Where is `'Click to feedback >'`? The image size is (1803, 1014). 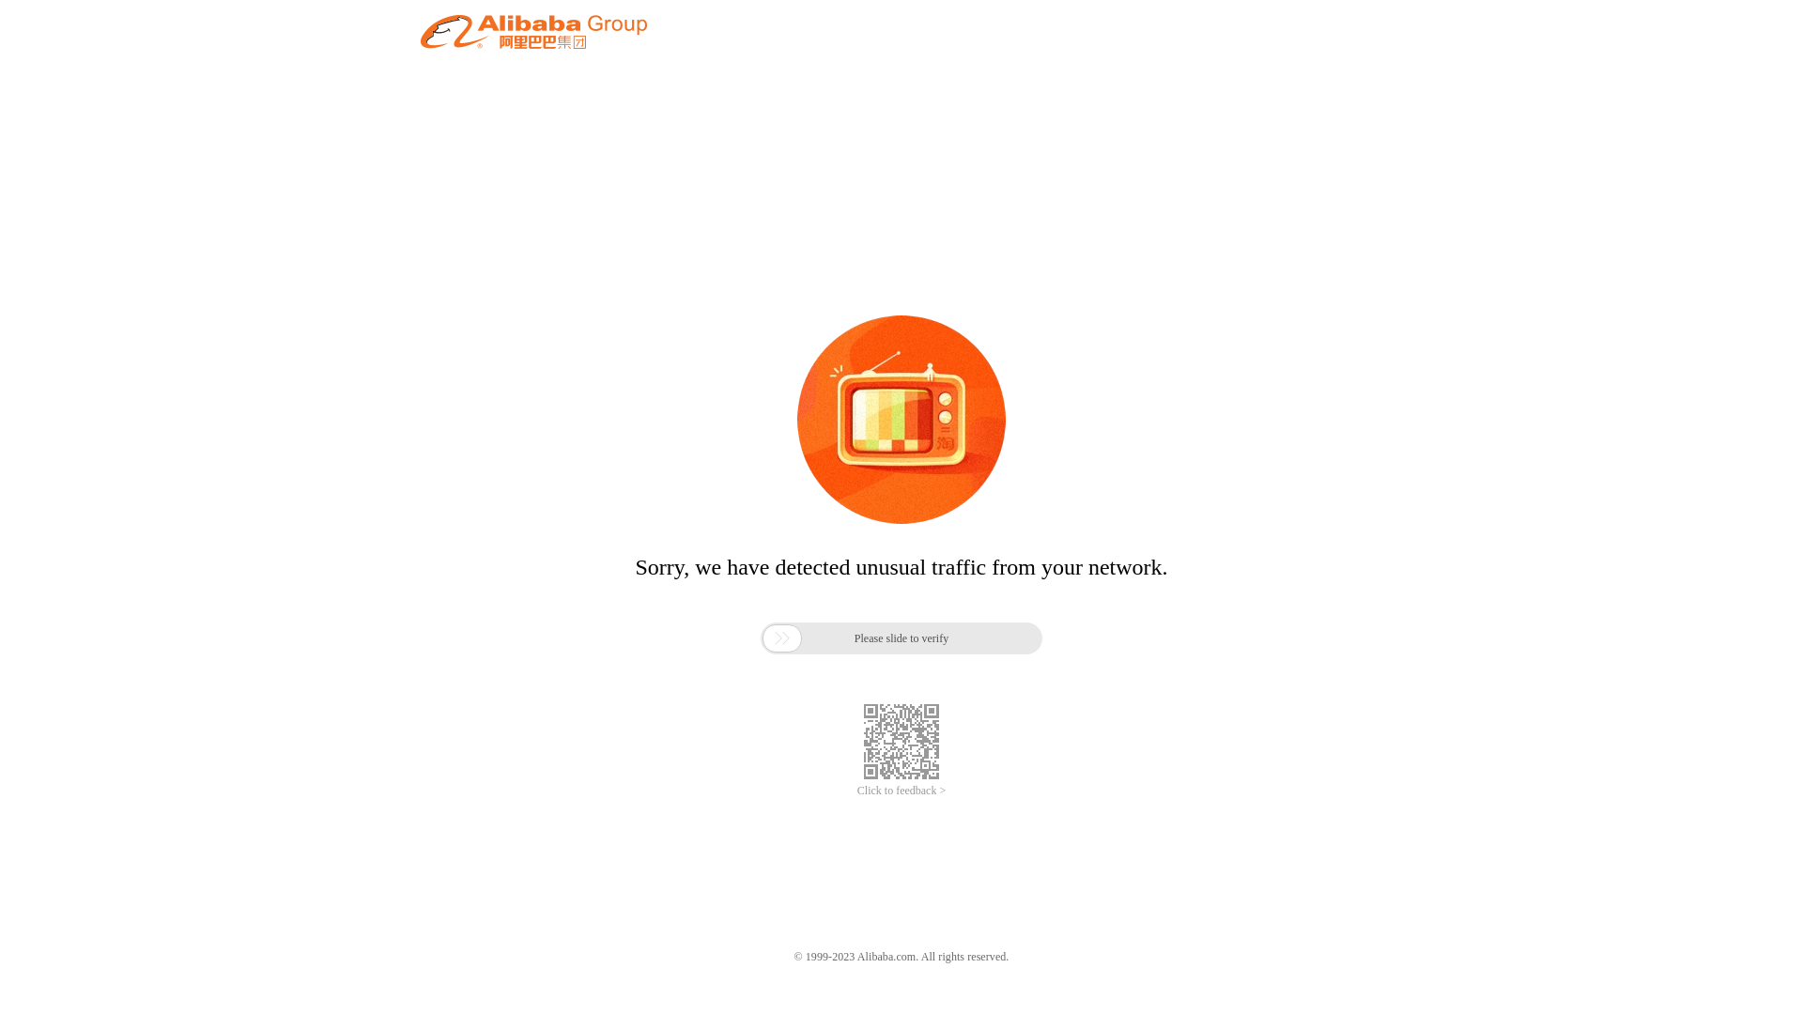
'Click to feedback >' is located at coordinates (901, 791).